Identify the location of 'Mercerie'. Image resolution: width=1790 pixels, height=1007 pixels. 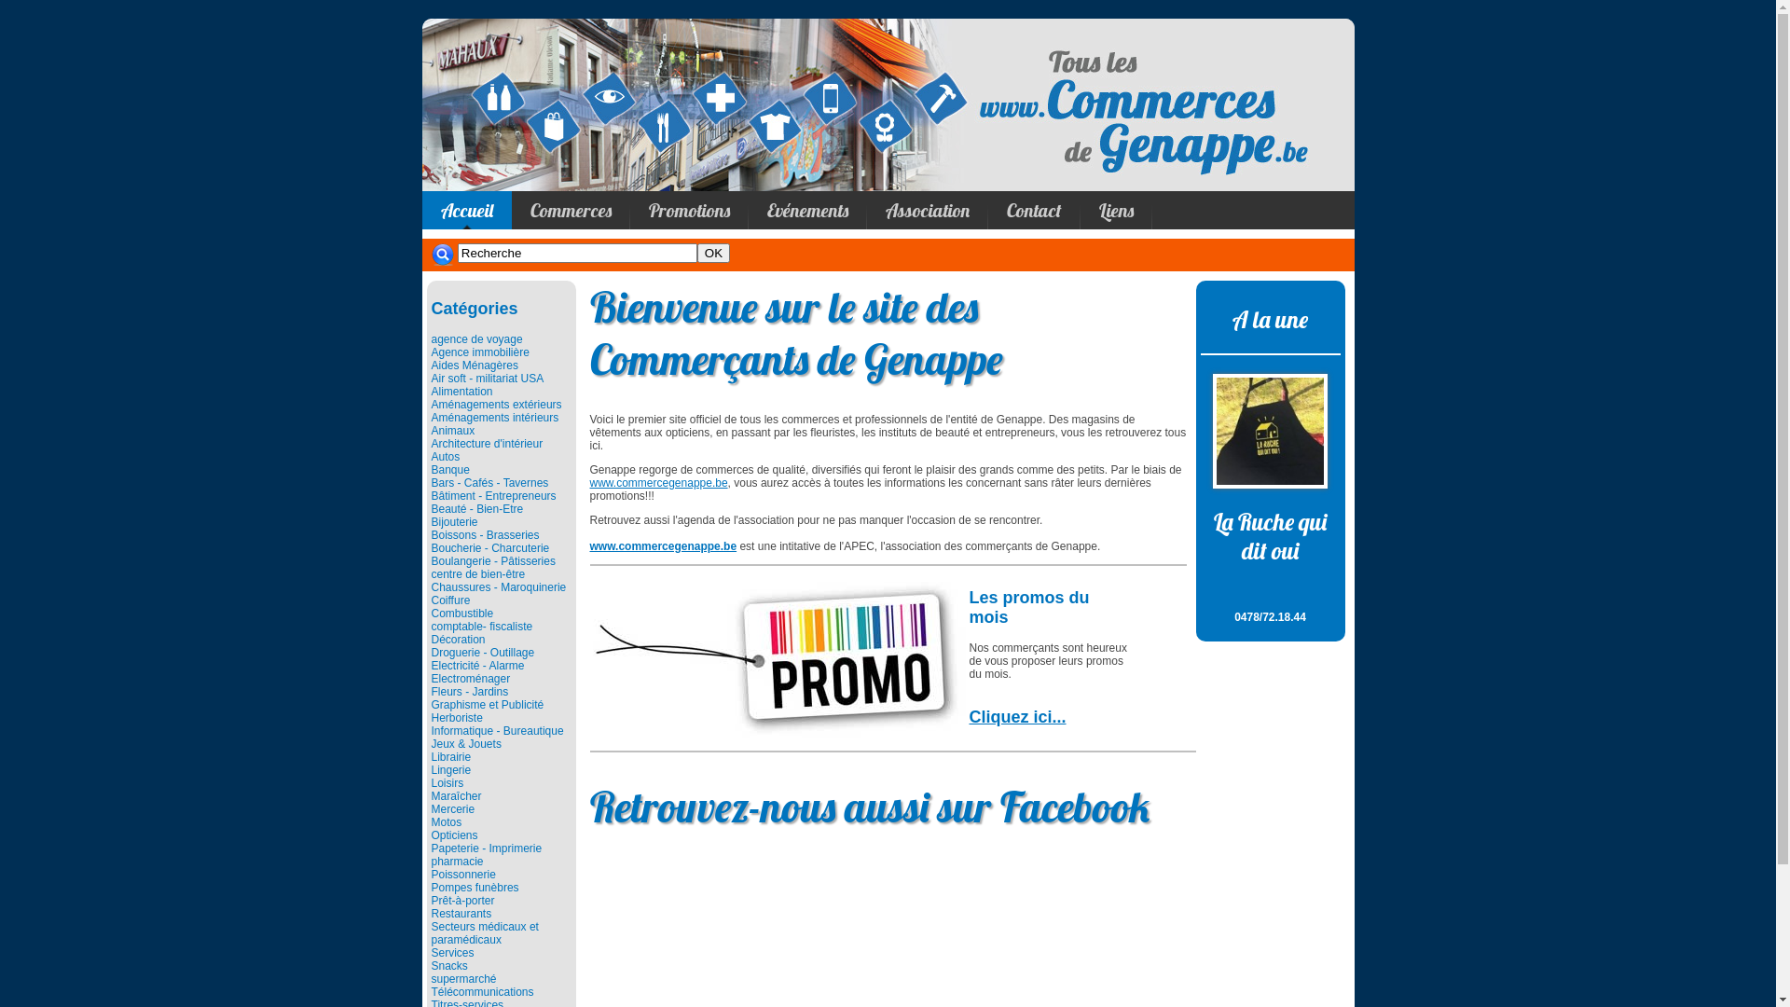
(452, 807).